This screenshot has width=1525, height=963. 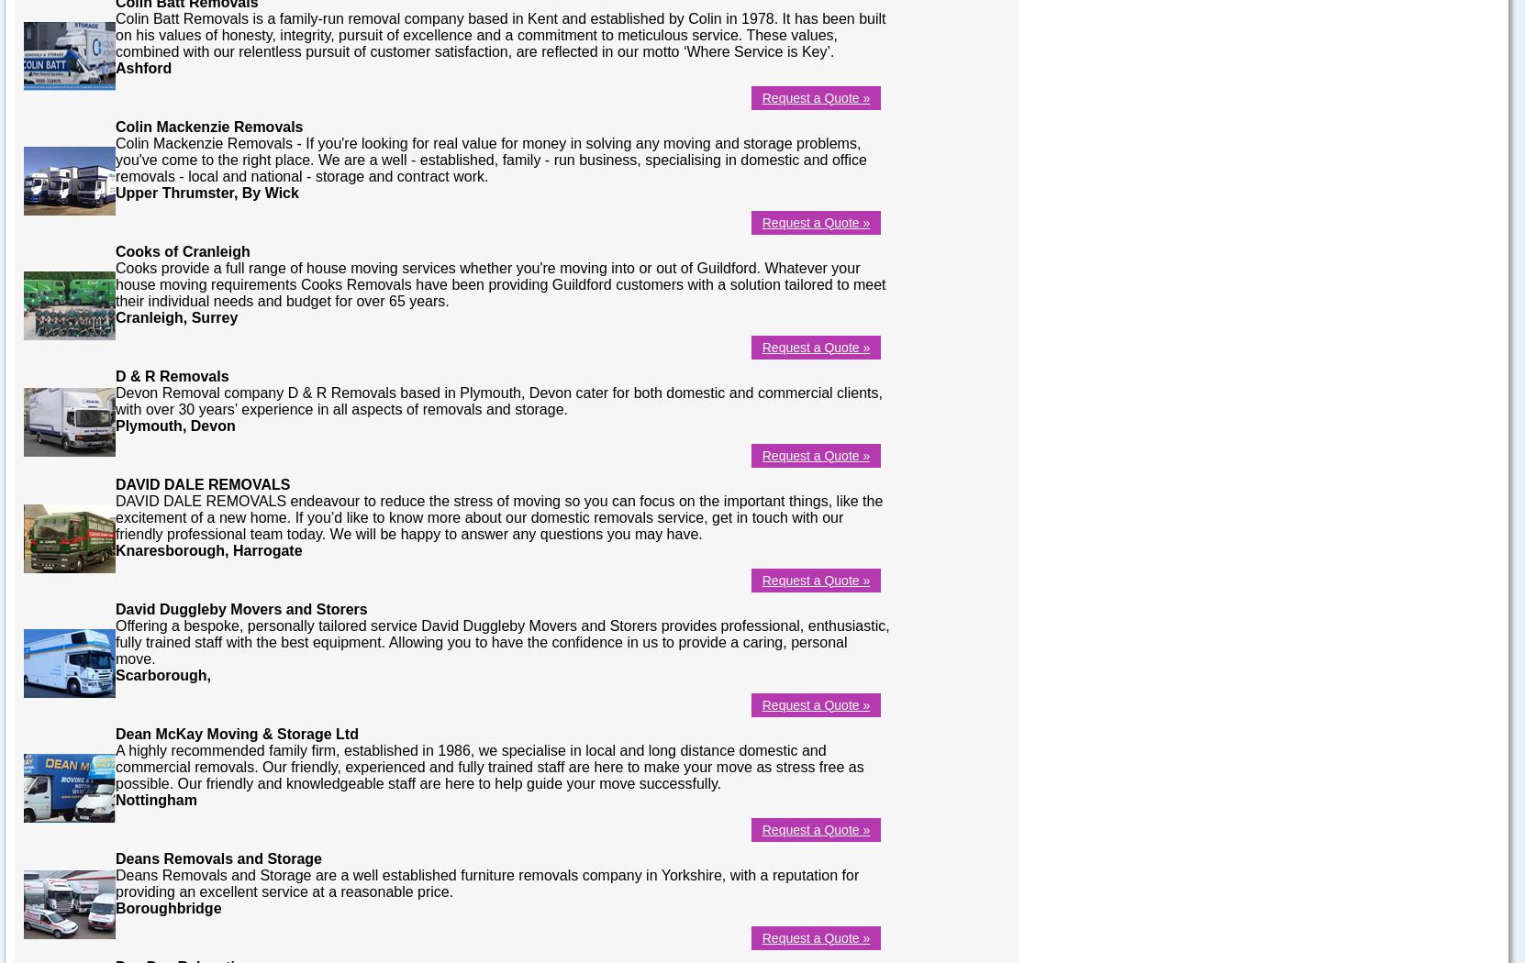 I want to click on 'Scarborough,', so click(x=115, y=673).